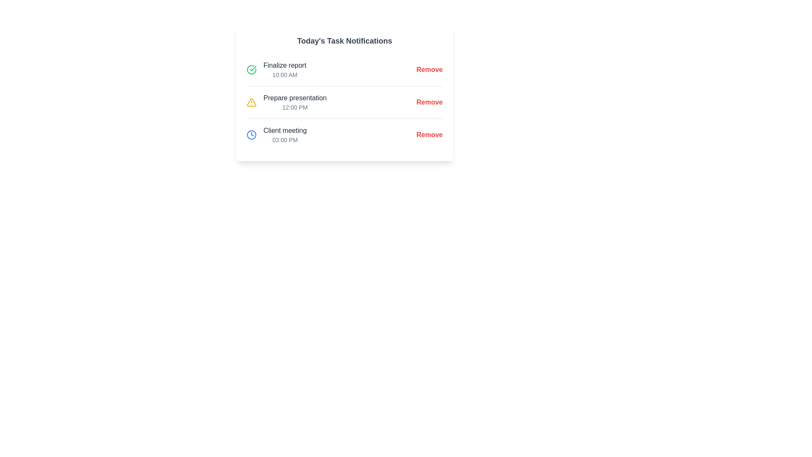 Image resolution: width=812 pixels, height=457 pixels. Describe the element at coordinates (285, 135) in the screenshot. I see `the text display element that shows 'Client meeting' and '03:00 PM', located in the third row of the task notifications list` at that location.